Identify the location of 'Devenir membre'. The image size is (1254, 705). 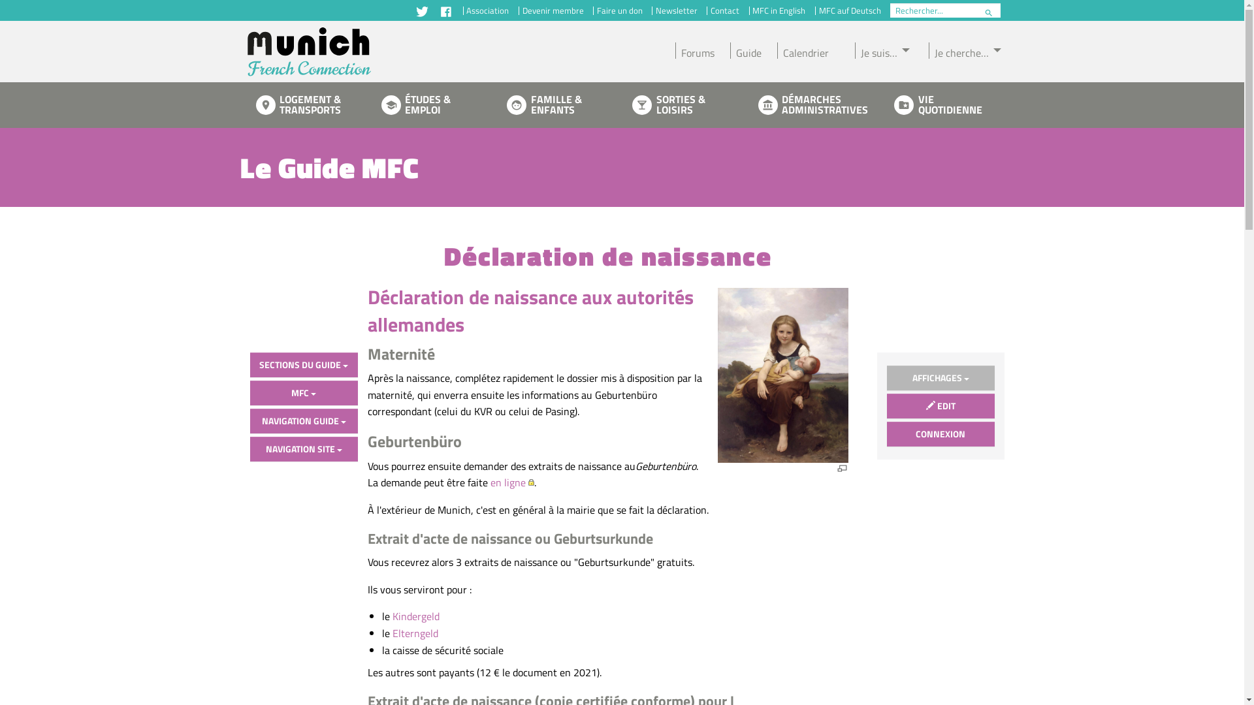
(553, 10).